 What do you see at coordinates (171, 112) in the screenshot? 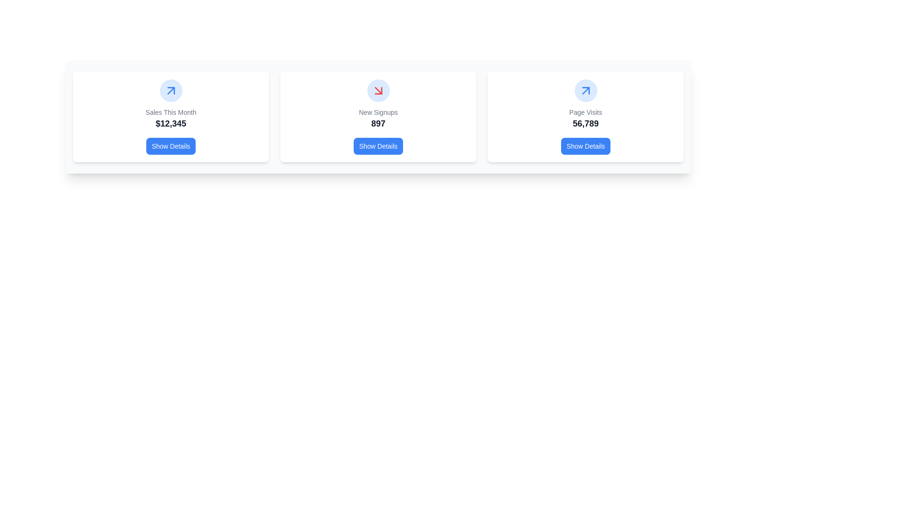
I see `the static text label indicating the context of the sales data for the current month, located in the leftmost card above the '$12,345' text` at bounding box center [171, 112].